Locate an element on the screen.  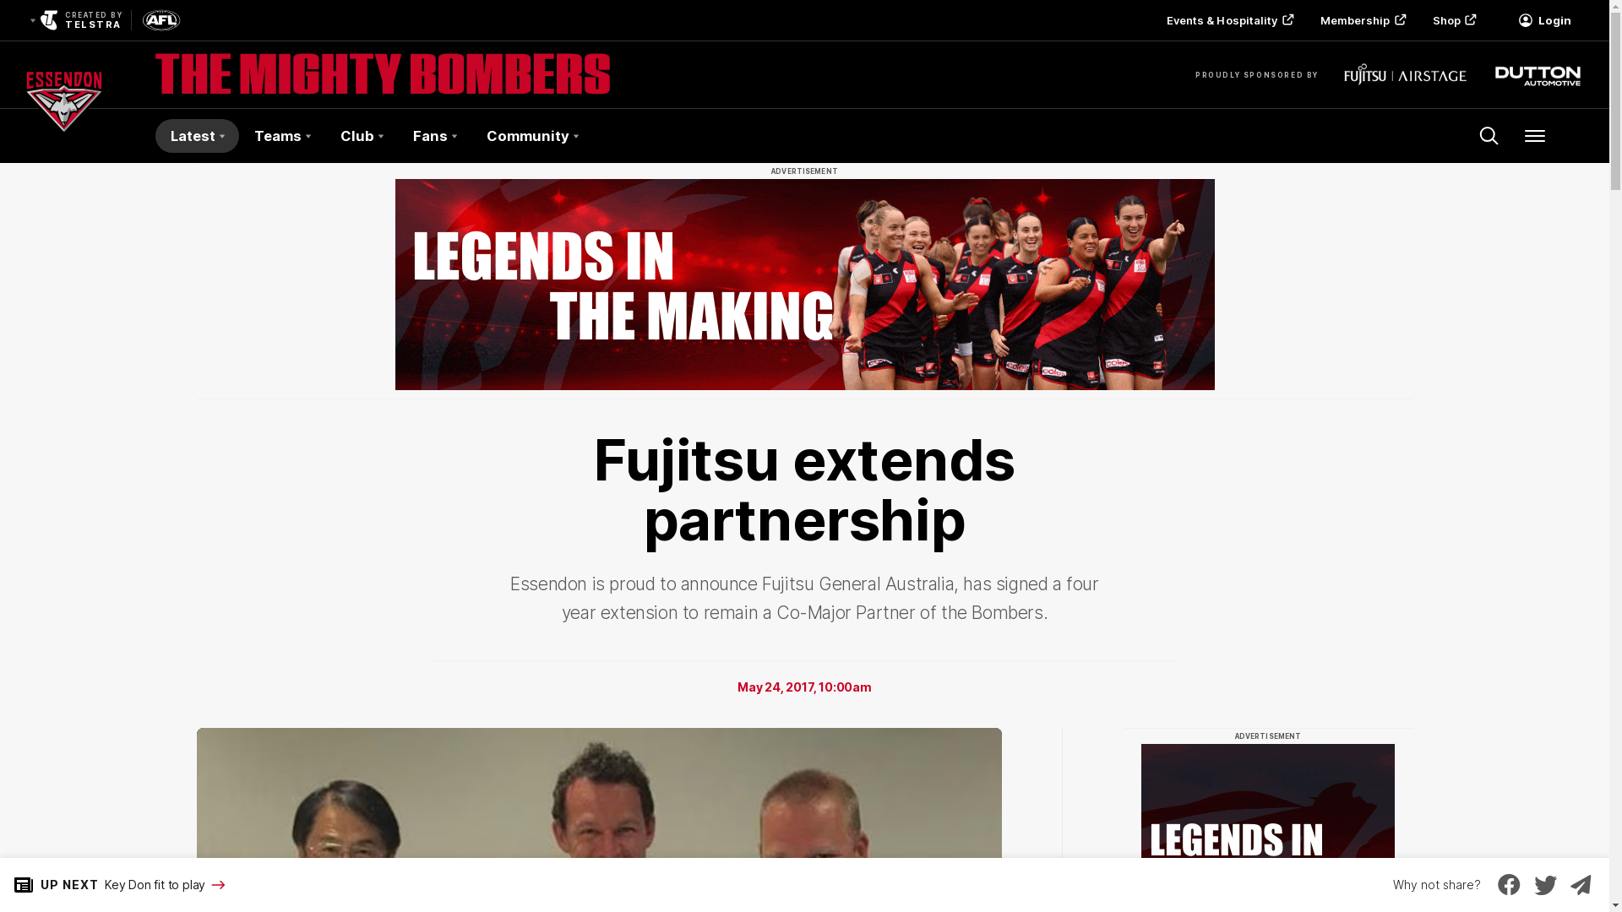
'CREATED BY is located at coordinates (73, 19).